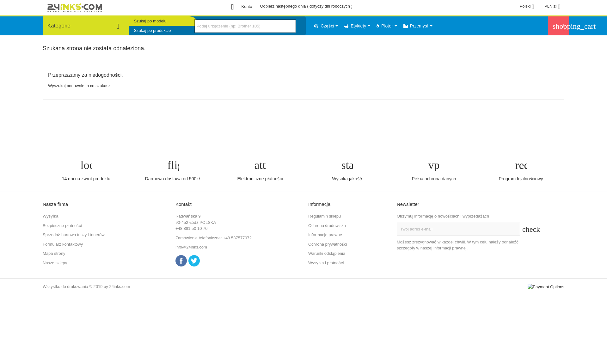 This screenshot has height=341, width=607. What do you see at coordinates (54, 253) in the screenshot?
I see `'Mapa strony'` at bounding box center [54, 253].